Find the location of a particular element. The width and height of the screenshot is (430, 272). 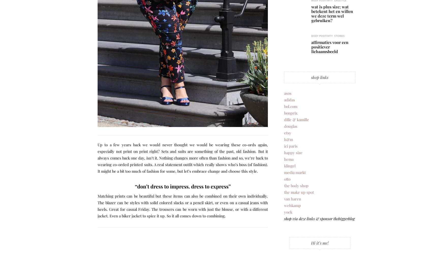

'douglas' is located at coordinates (290, 125).